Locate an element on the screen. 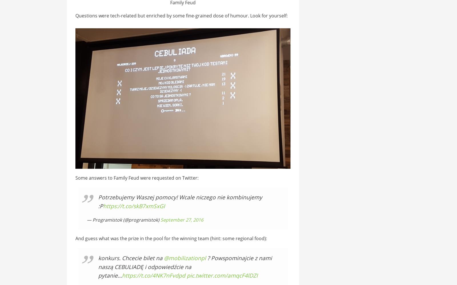  'konkurs. Chcecie bilet na' is located at coordinates (98, 258).